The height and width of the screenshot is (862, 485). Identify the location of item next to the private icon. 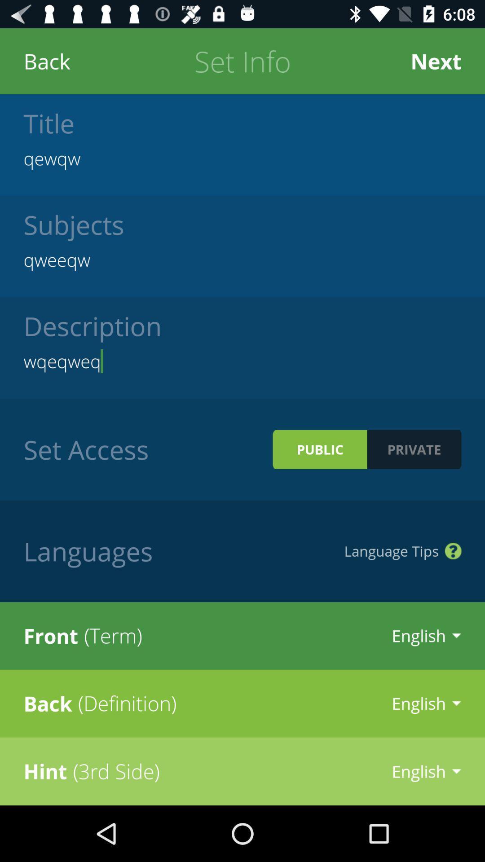
(319, 449).